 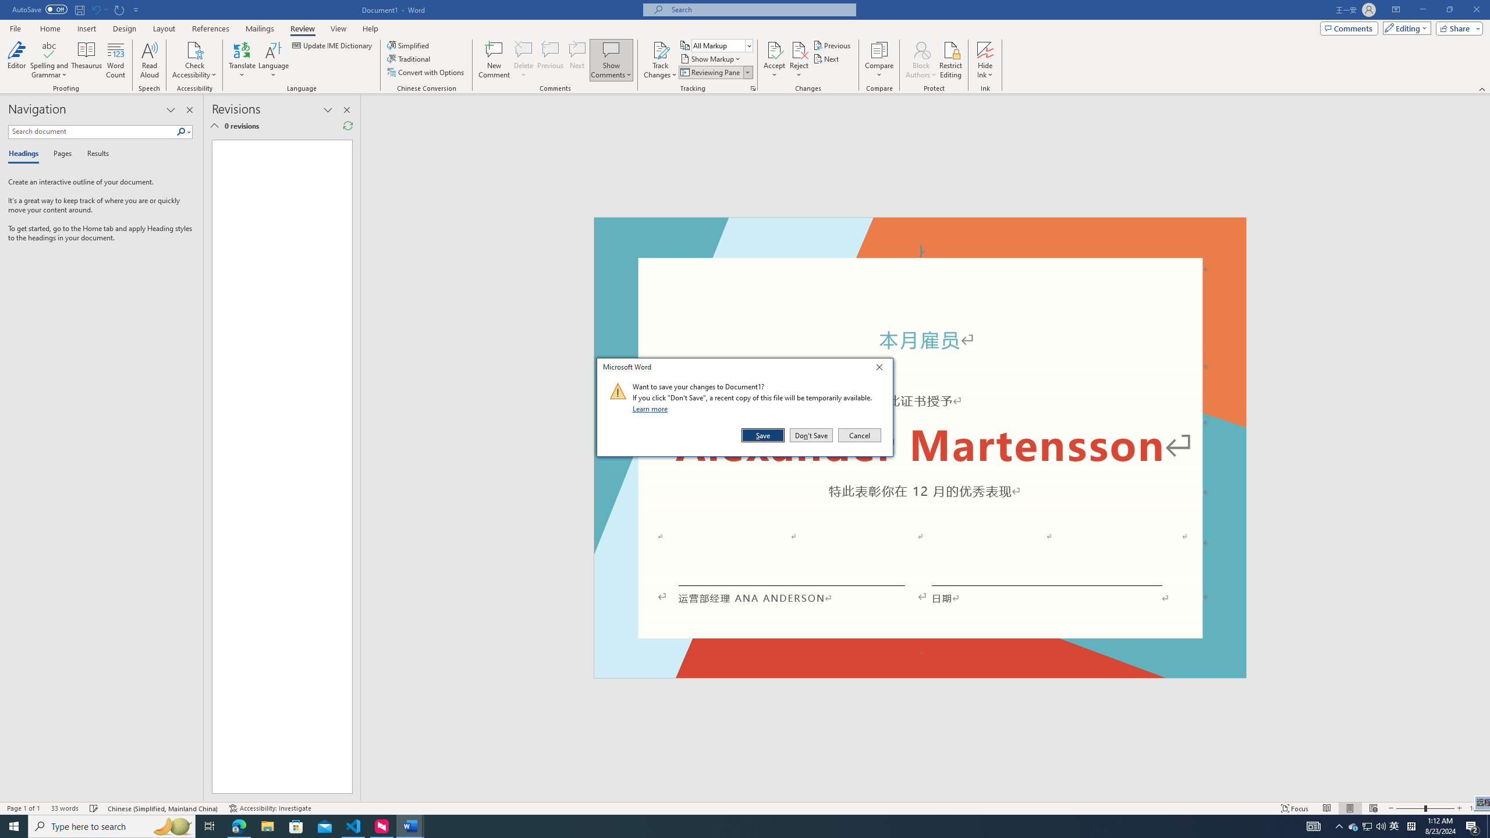 I want to click on 'Don', so click(x=811, y=435).